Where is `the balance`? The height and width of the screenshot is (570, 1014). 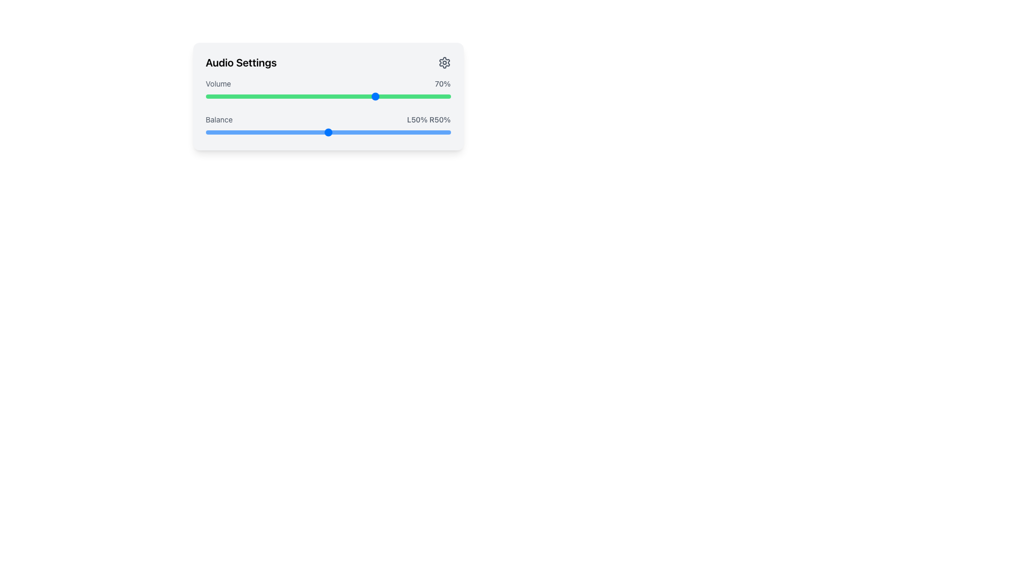 the balance is located at coordinates (210, 131).